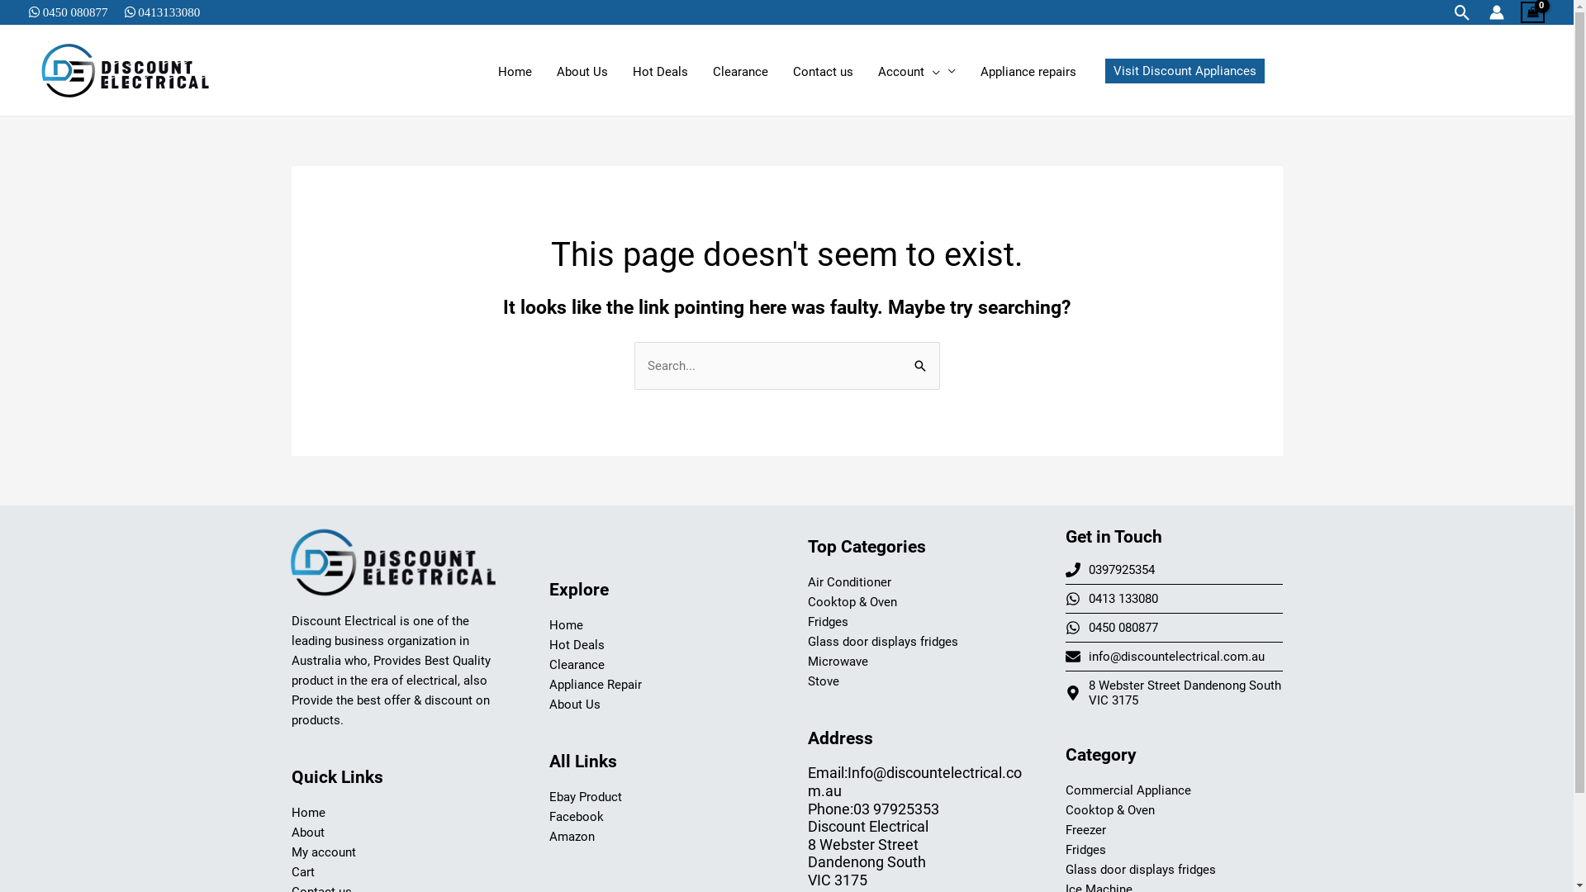  Describe the element at coordinates (307, 811) in the screenshot. I see `'Home'` at that location.